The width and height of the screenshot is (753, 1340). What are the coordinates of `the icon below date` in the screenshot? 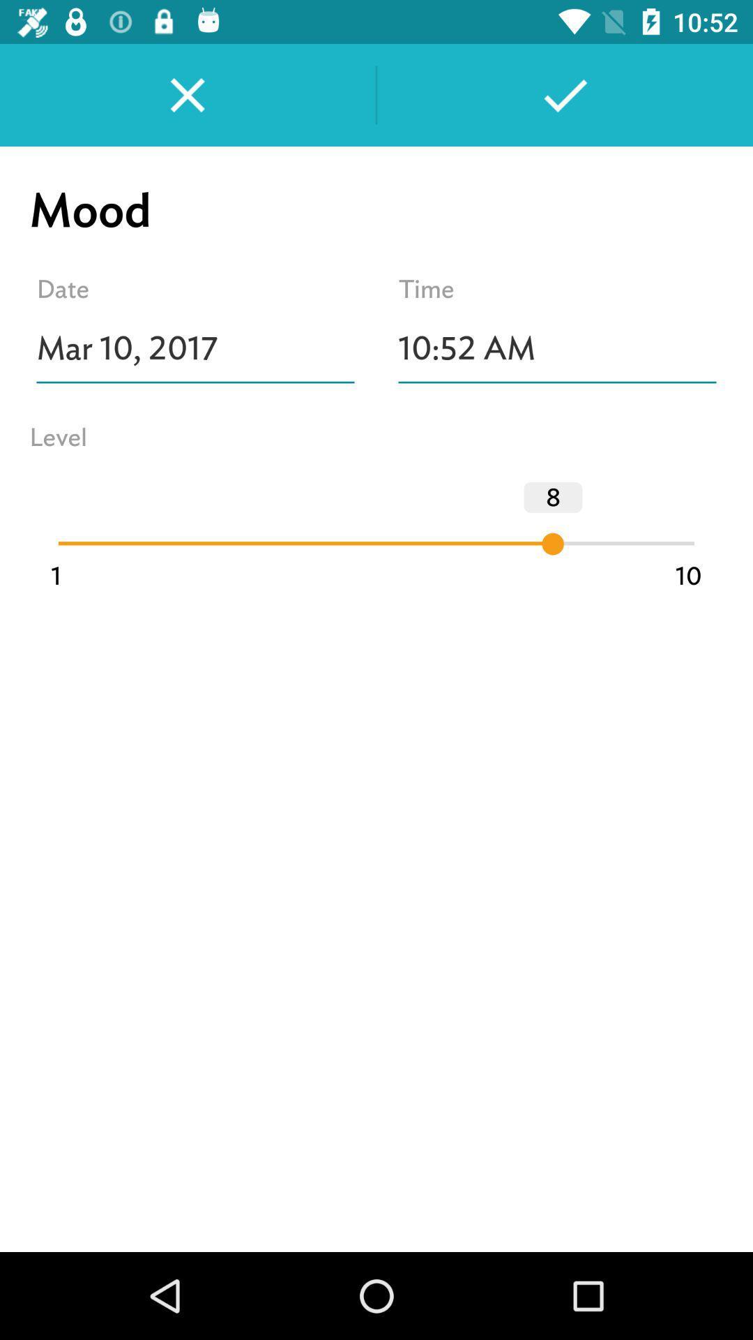 It's located at (195, 348).